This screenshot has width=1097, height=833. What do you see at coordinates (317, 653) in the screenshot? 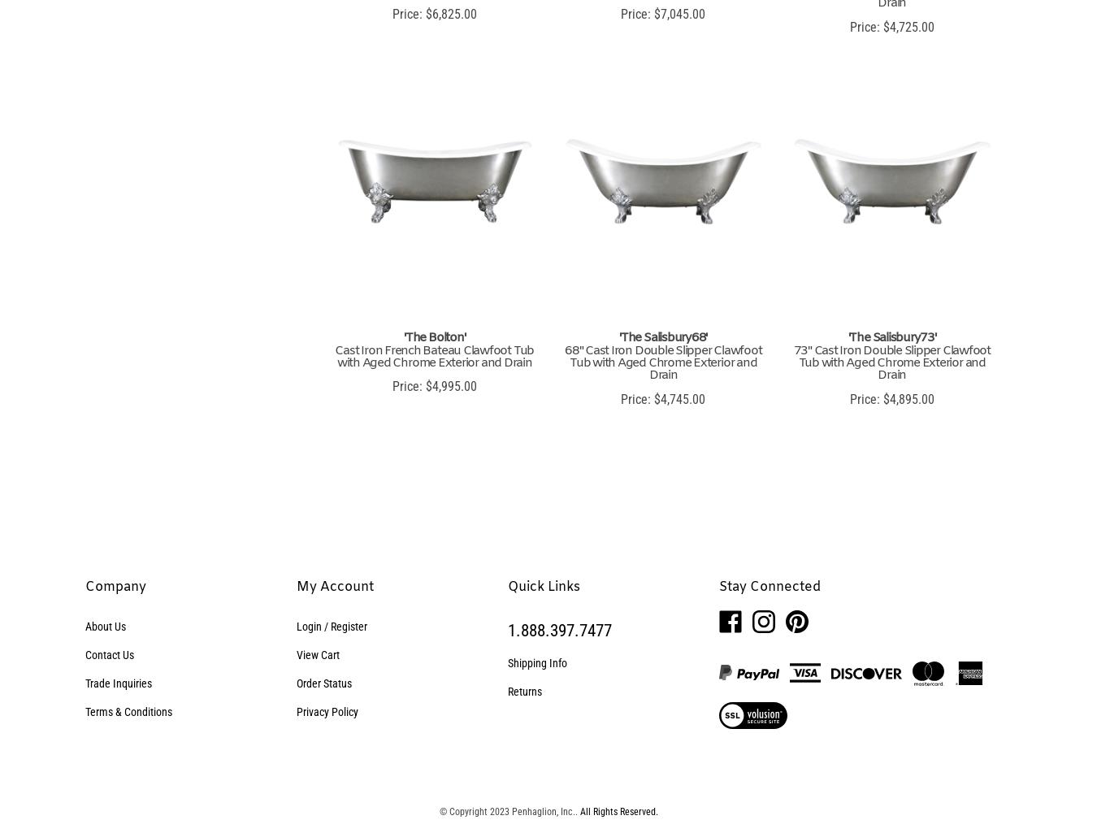
I see `'View Cart'` at bounding box center [317, 653].